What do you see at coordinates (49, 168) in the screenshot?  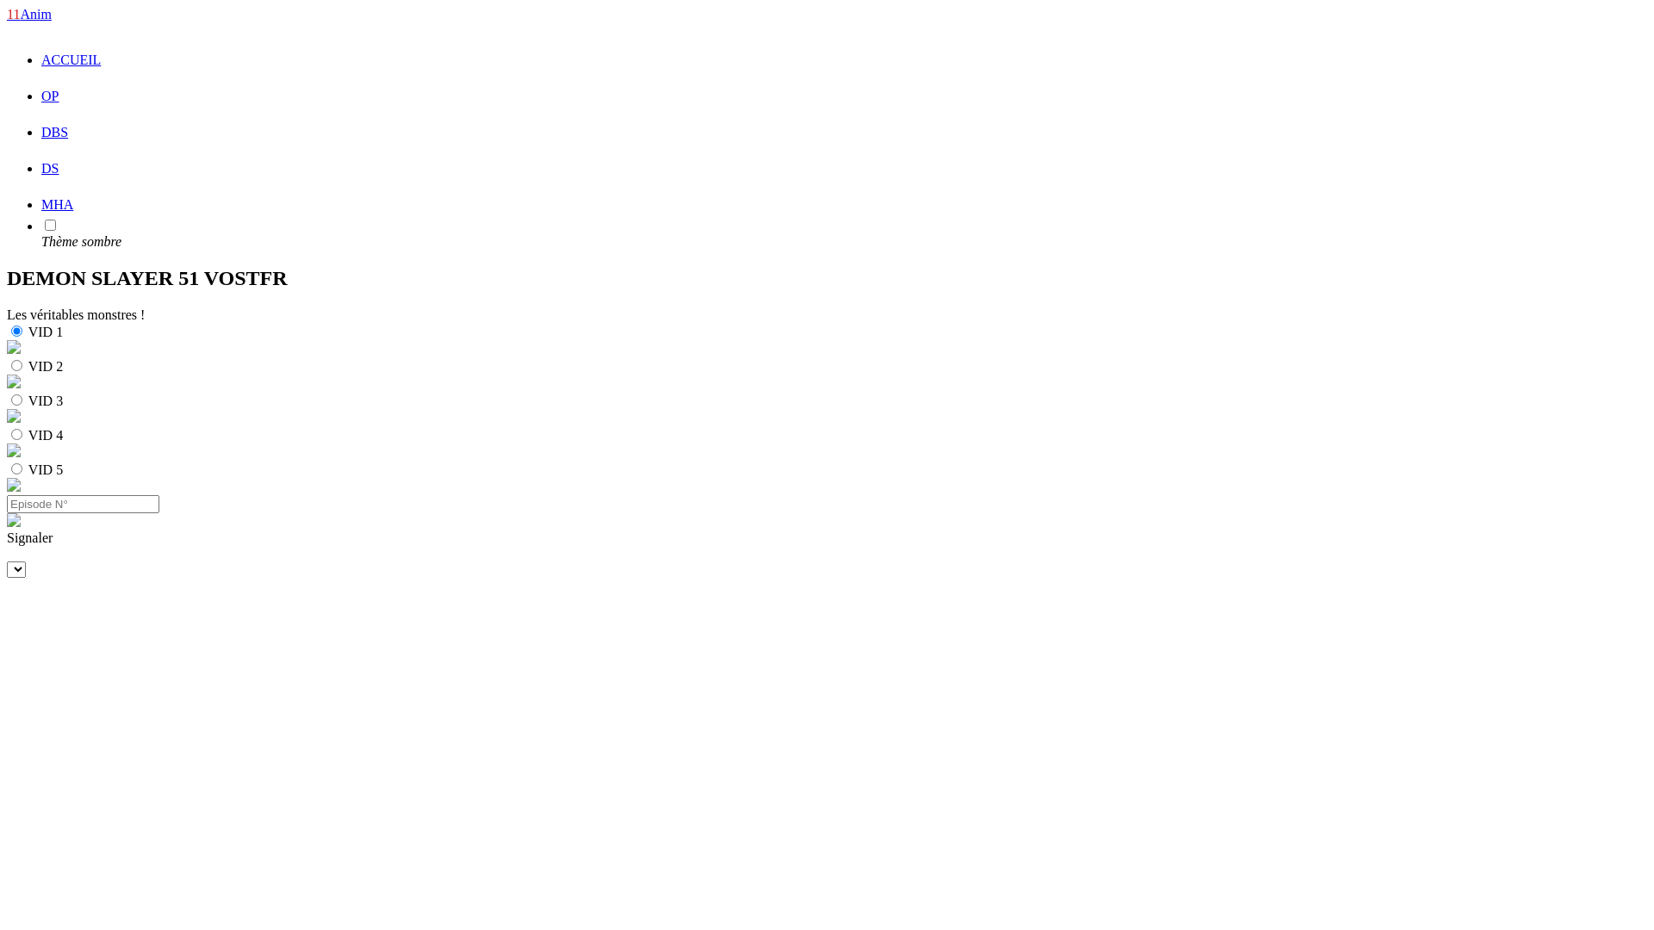 I see `'DS'` at bounding box center [49, 168].